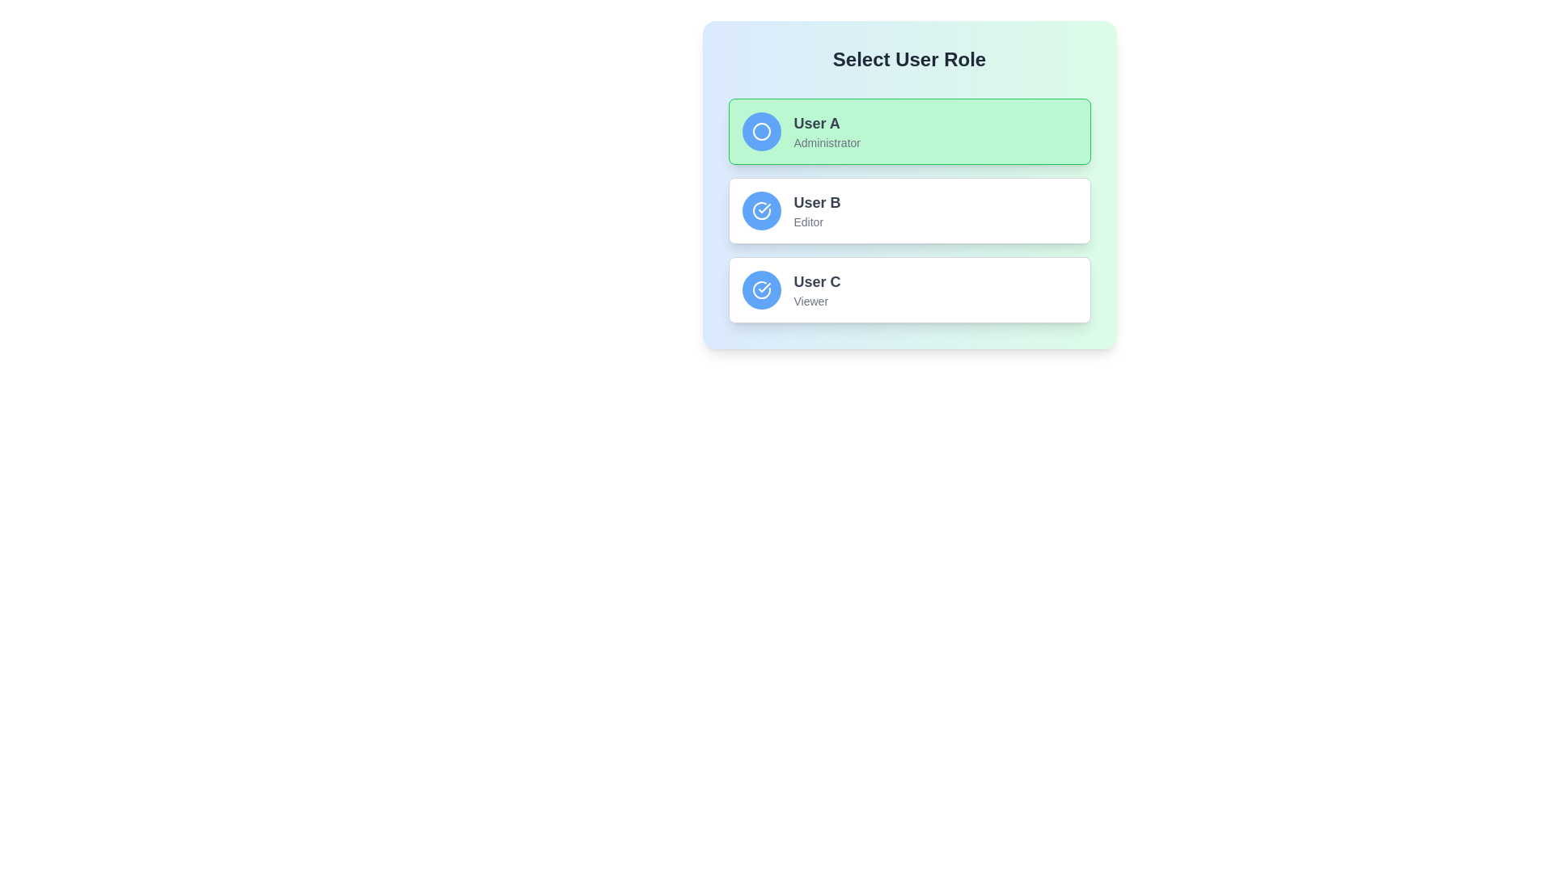  What do you see at coordinates (760, 289) in the screenshot?
I see `the circular blue icon with a white check mark, located to the left of the text 'User C' in the 'User C Viewer' card` at bounding box center [760, 289].